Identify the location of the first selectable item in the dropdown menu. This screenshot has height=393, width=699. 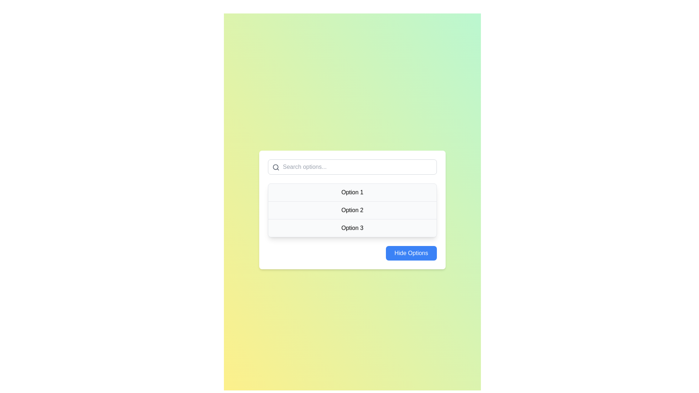
(352, 192).